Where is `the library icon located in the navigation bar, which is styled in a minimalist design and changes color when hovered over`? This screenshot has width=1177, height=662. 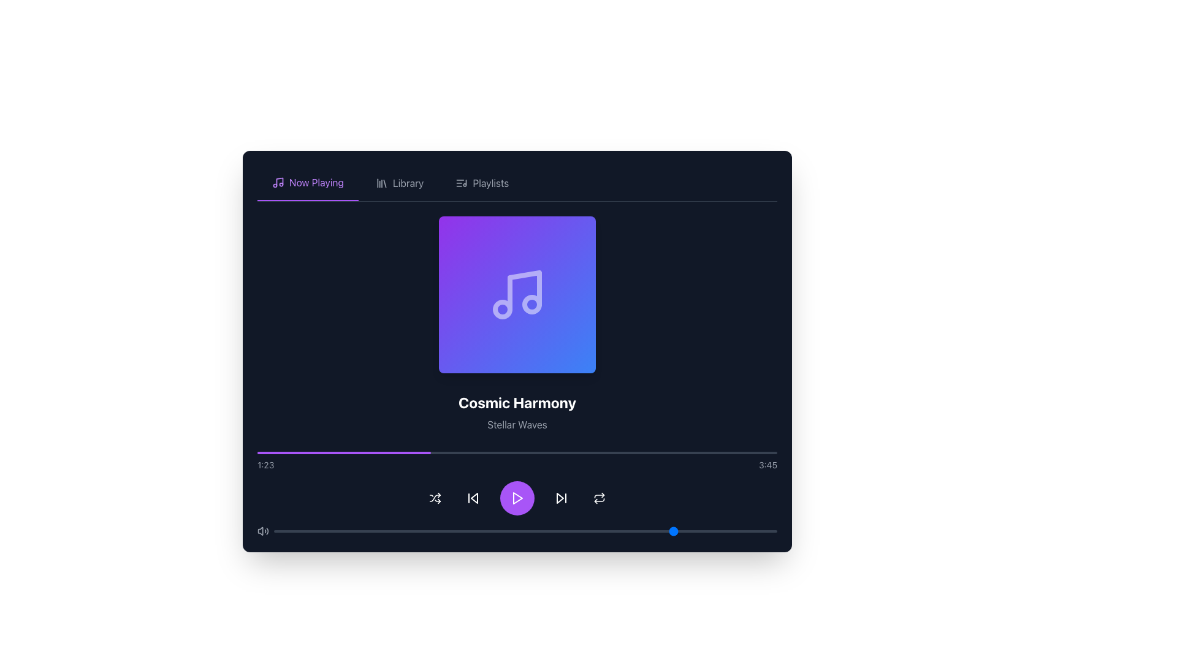 the library icon located in the navigation bar, which is styled in a minimalist design and changes color when hovered over is located at coordinates (381, 183).